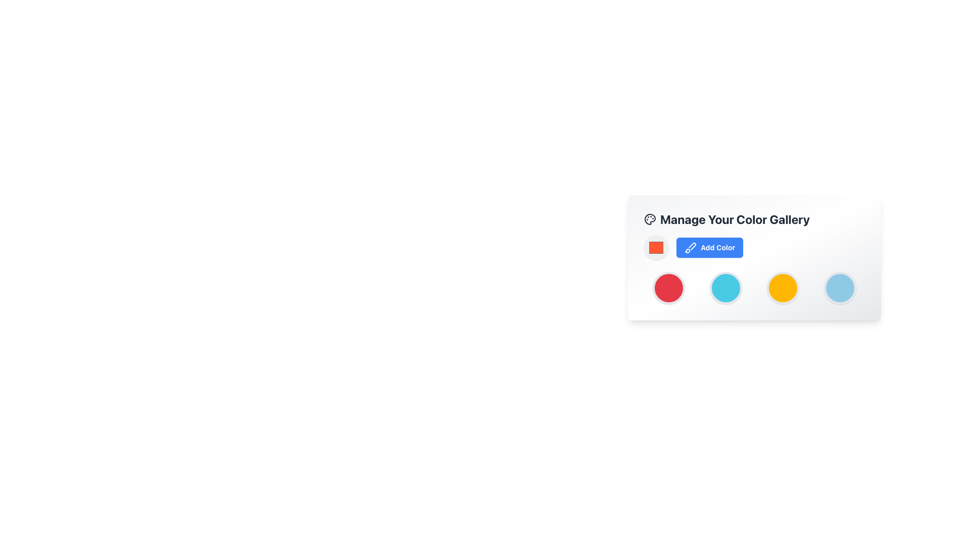 The image size is (970, 546). I want to click on the first selectable color representation in the horizontal arrangement beneath 'Manage Your Color Gallery', so click(668, 288).